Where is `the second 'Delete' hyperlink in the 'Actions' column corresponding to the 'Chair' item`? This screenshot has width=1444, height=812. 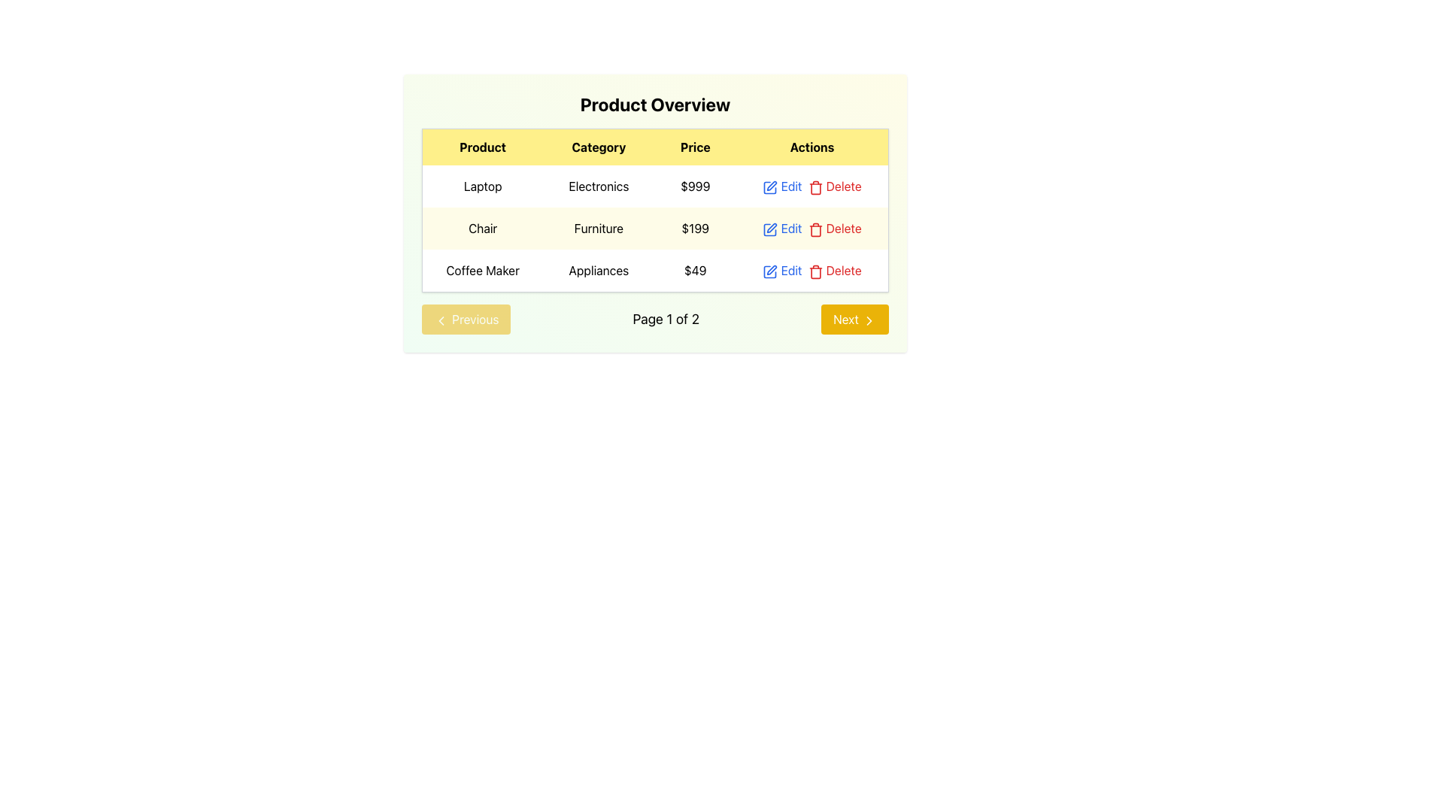
the second 'Delete' hyperlink in the 'Actions' column corresponding to the 'Chair' item is located at coordinates (834, 229).